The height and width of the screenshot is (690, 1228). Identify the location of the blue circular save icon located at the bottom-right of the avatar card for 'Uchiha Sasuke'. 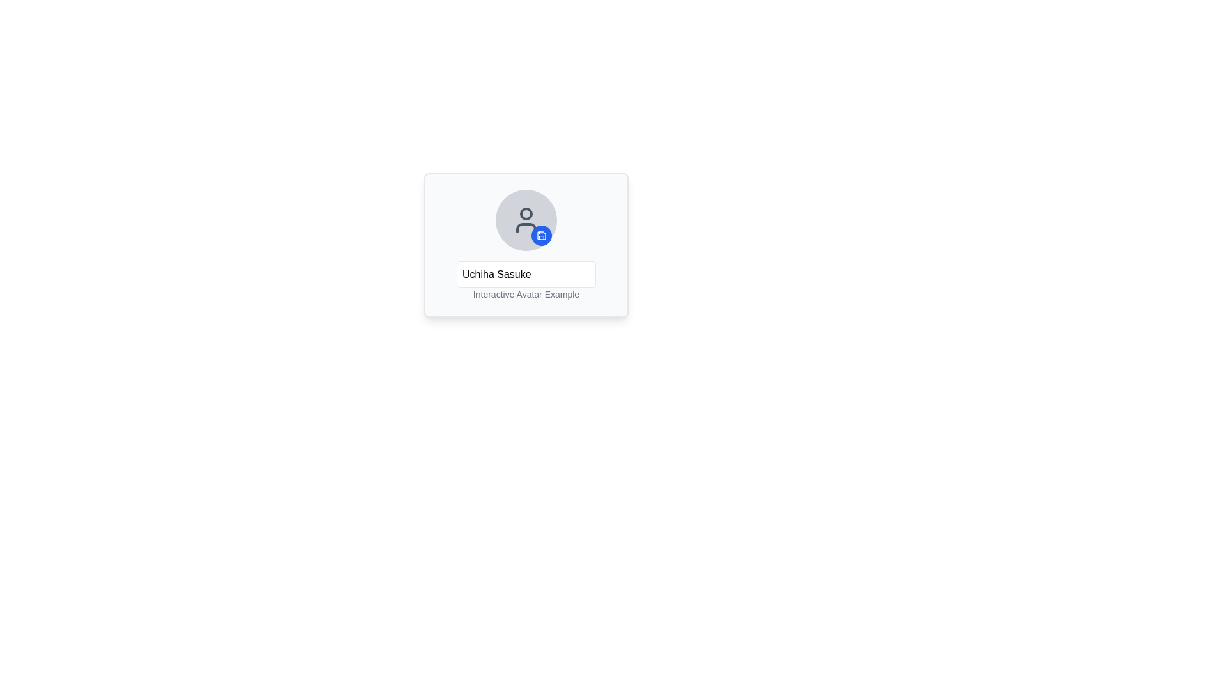
(541, 236).